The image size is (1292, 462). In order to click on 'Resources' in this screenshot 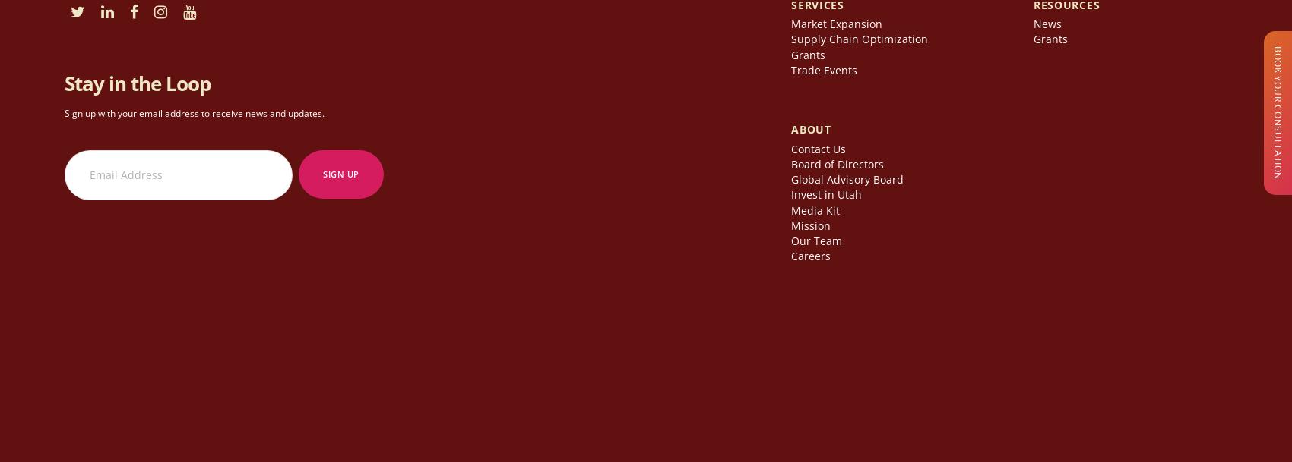, I will do `click(1066, 9)`.